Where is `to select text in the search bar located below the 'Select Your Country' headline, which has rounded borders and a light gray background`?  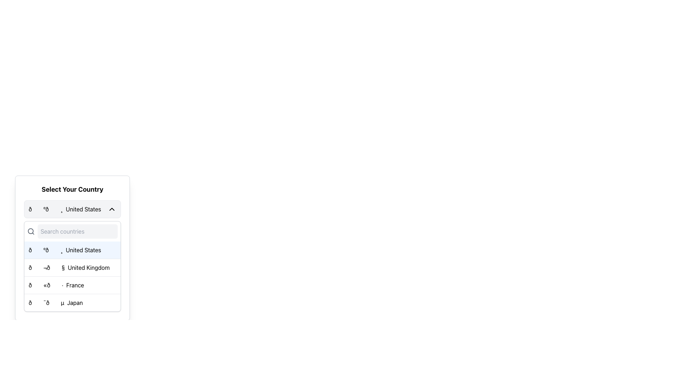 to select text in the search bar located below the 'Select Your Country' headline, which has rounded borders and a light gray background is located at coordinates (72, 231).